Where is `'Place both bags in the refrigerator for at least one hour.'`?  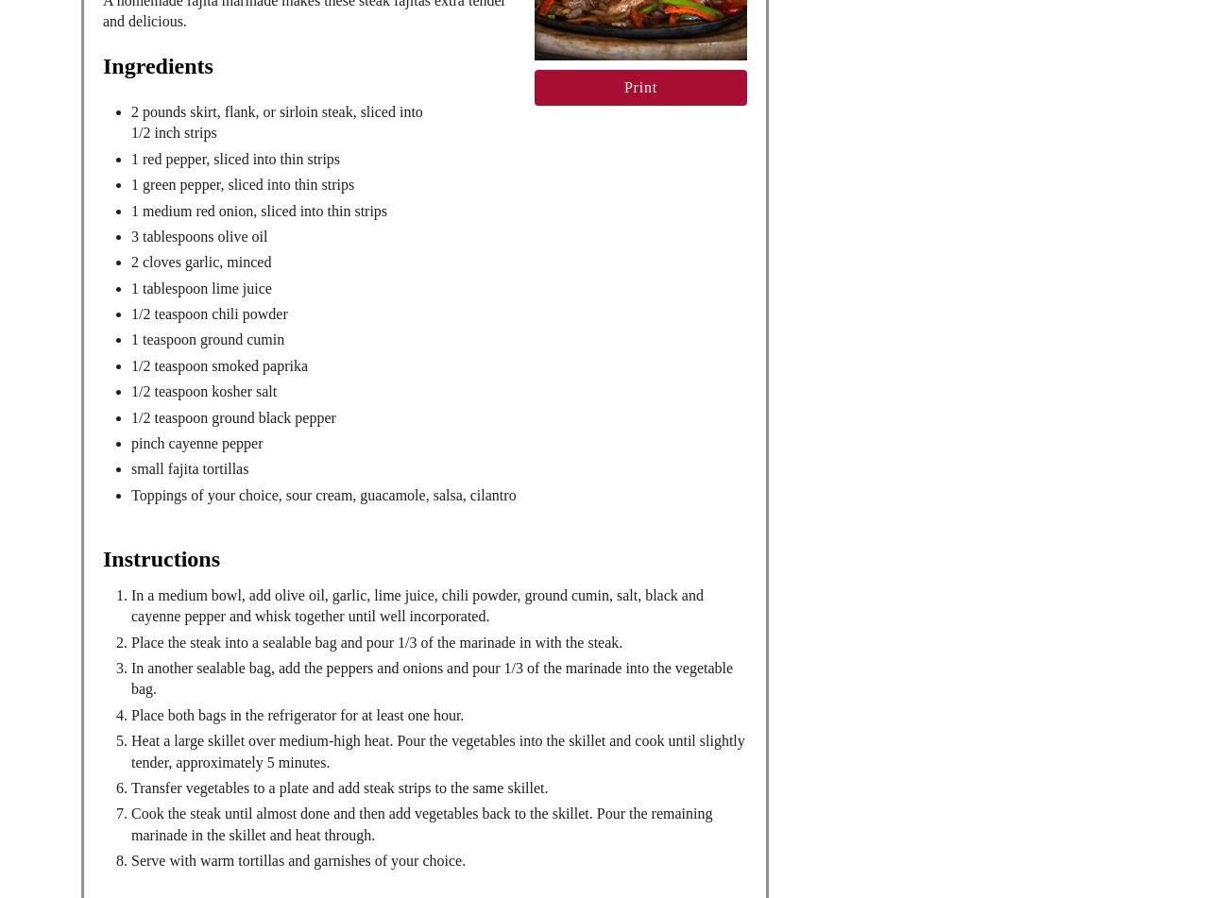
'Place both bags in the refrigerator for at least one hour.' is located at coordinates (297, 713).